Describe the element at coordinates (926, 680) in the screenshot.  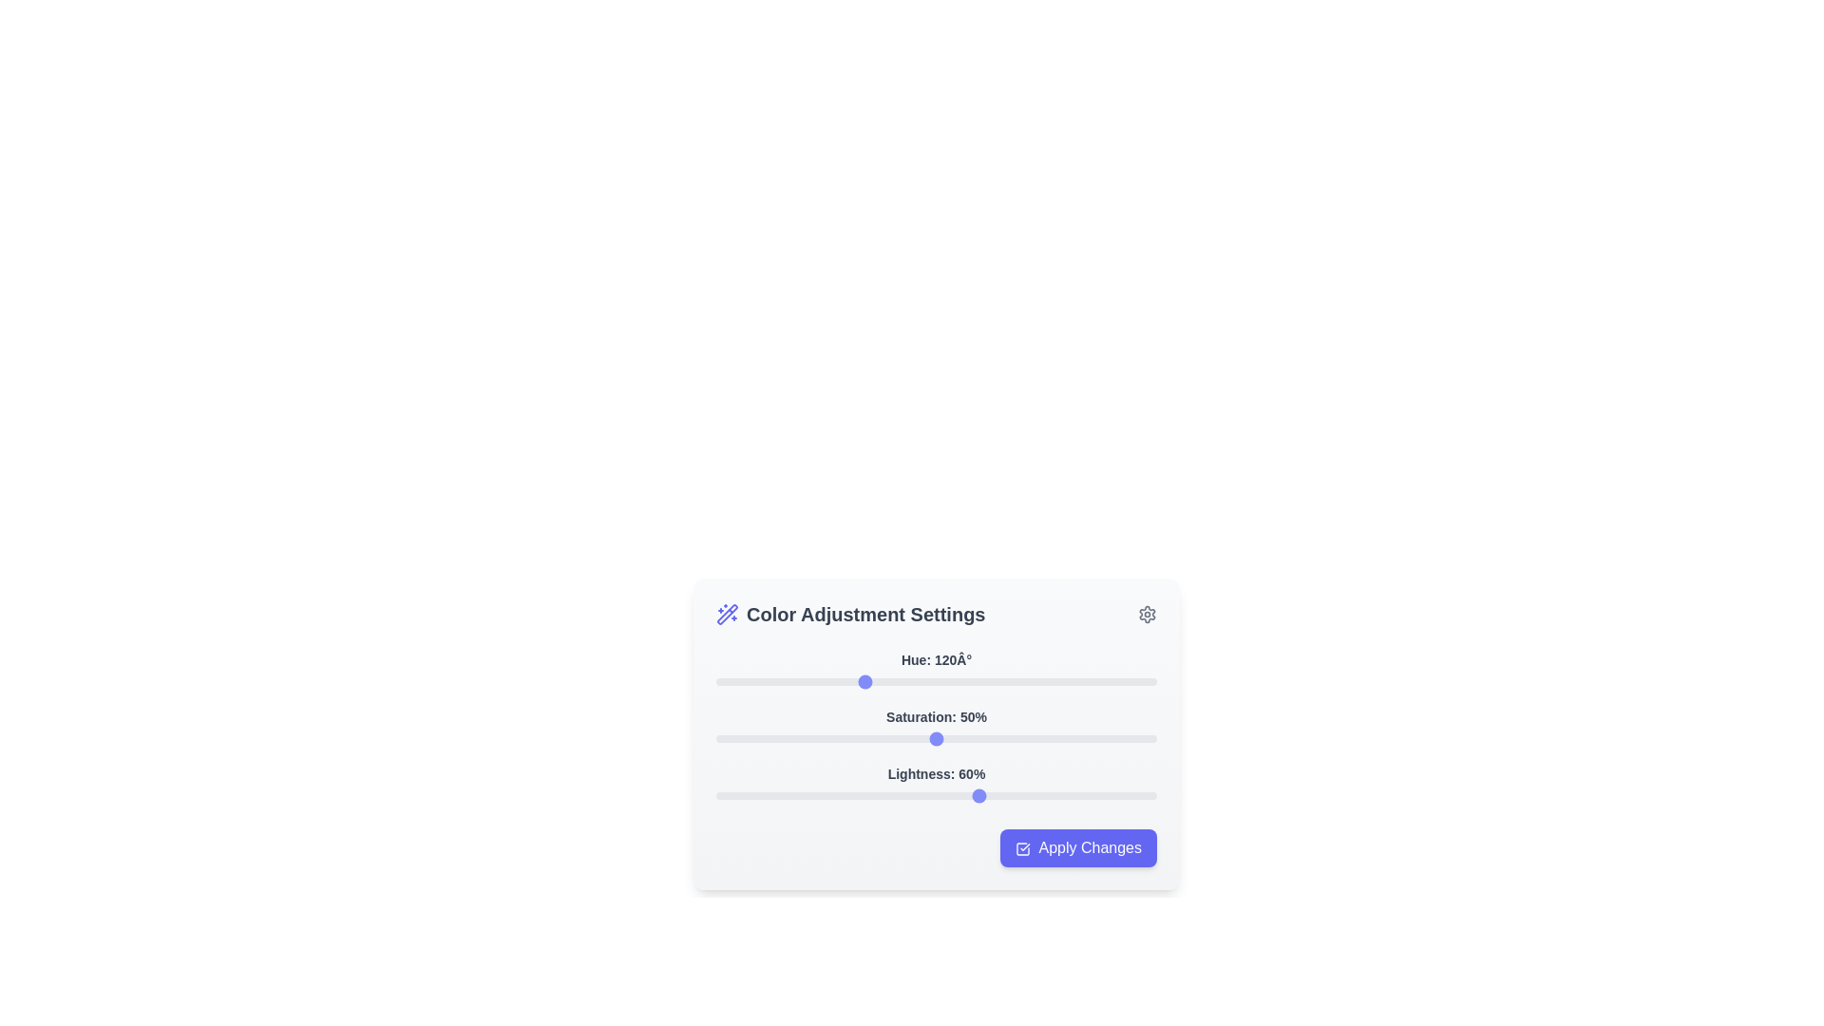
I see `hue` at that location.